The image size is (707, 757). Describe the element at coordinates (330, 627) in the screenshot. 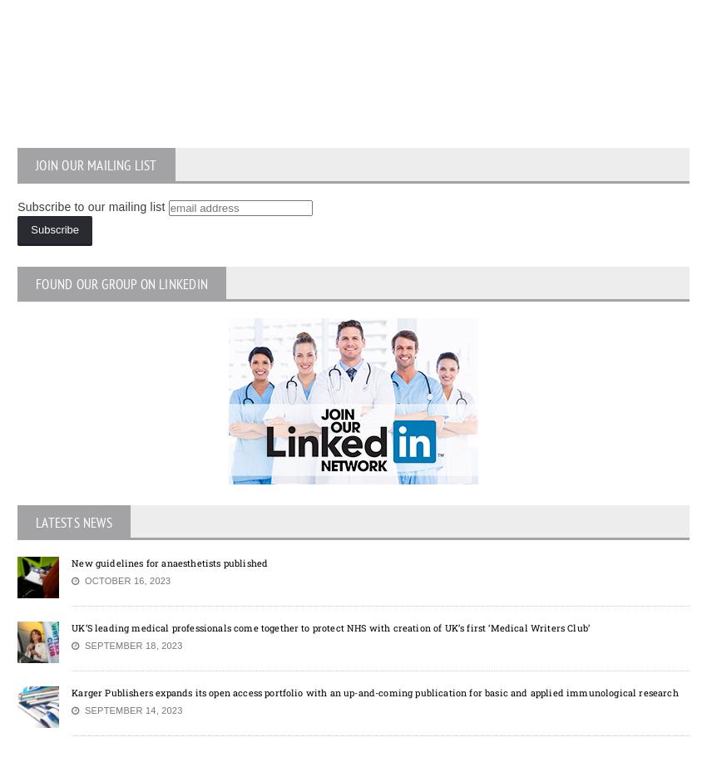

I see `'UK’S leading medical professionals come together to protect NHS with creation of UK’s first ‘Medical Writers Club’'` at that location.